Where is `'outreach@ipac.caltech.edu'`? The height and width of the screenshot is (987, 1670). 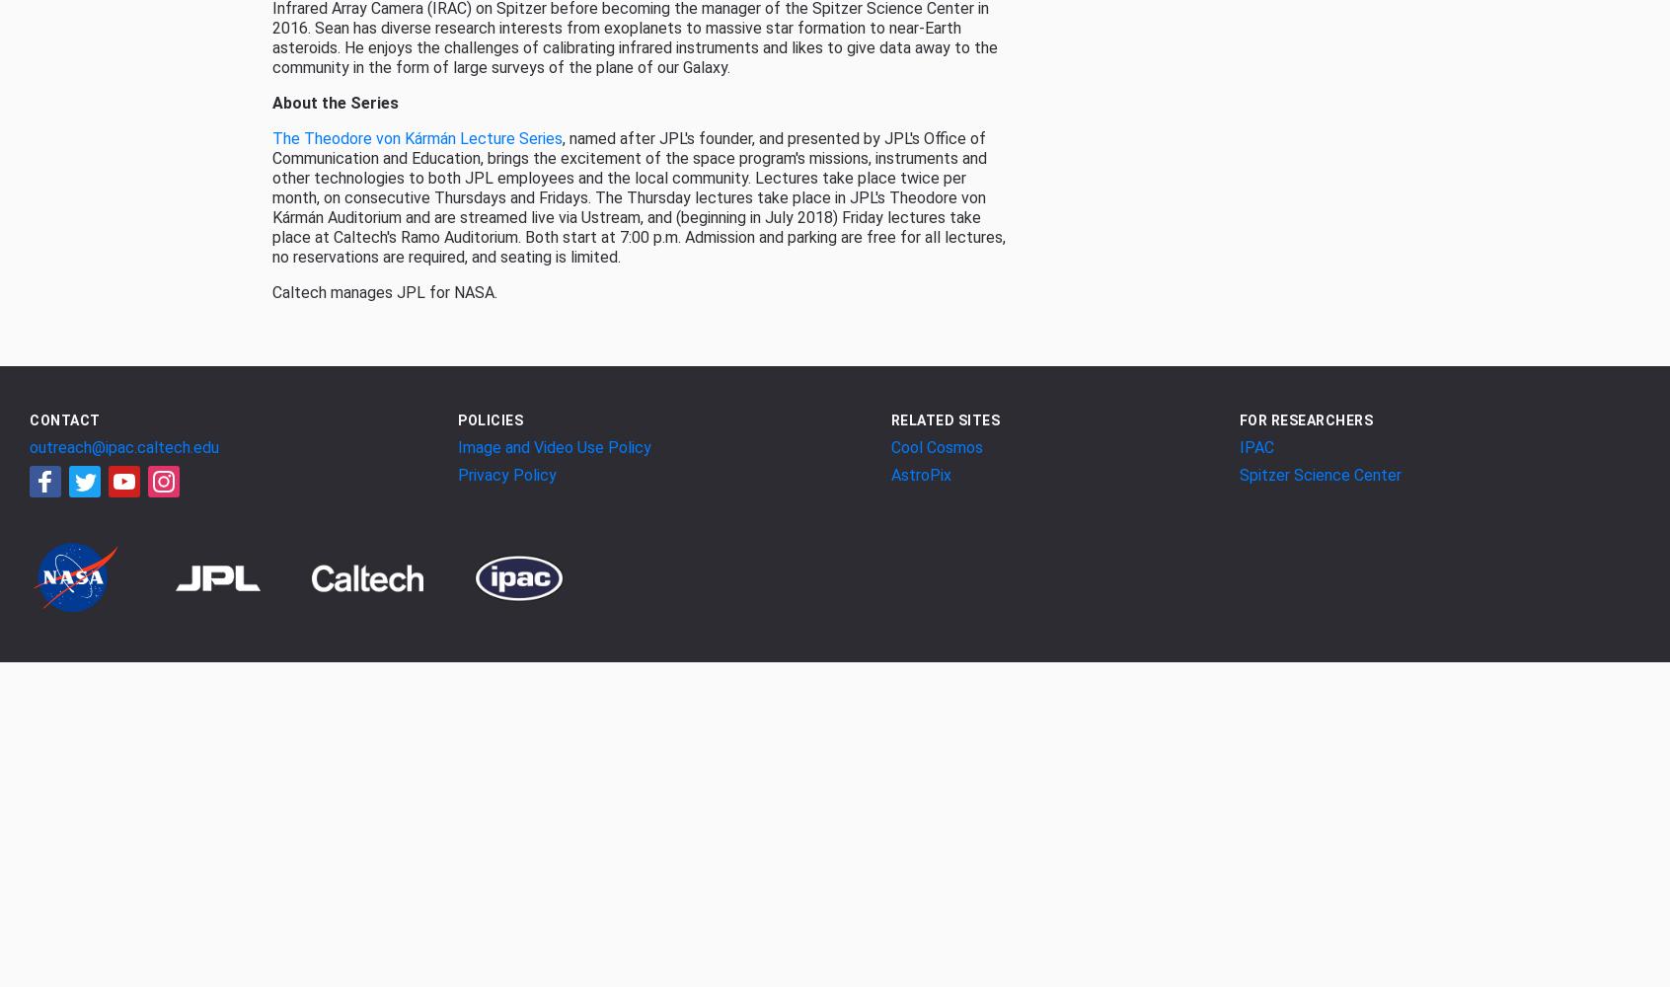
'outreach@ipac.caltech.edu' is located at coordinates (124, 445).